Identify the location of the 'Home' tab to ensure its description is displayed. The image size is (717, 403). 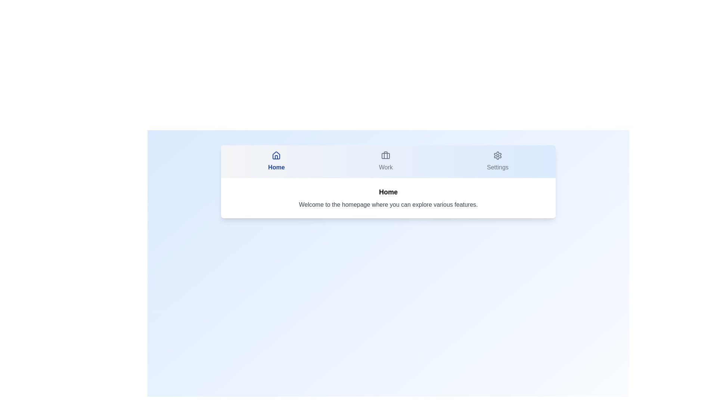
(276, 161).